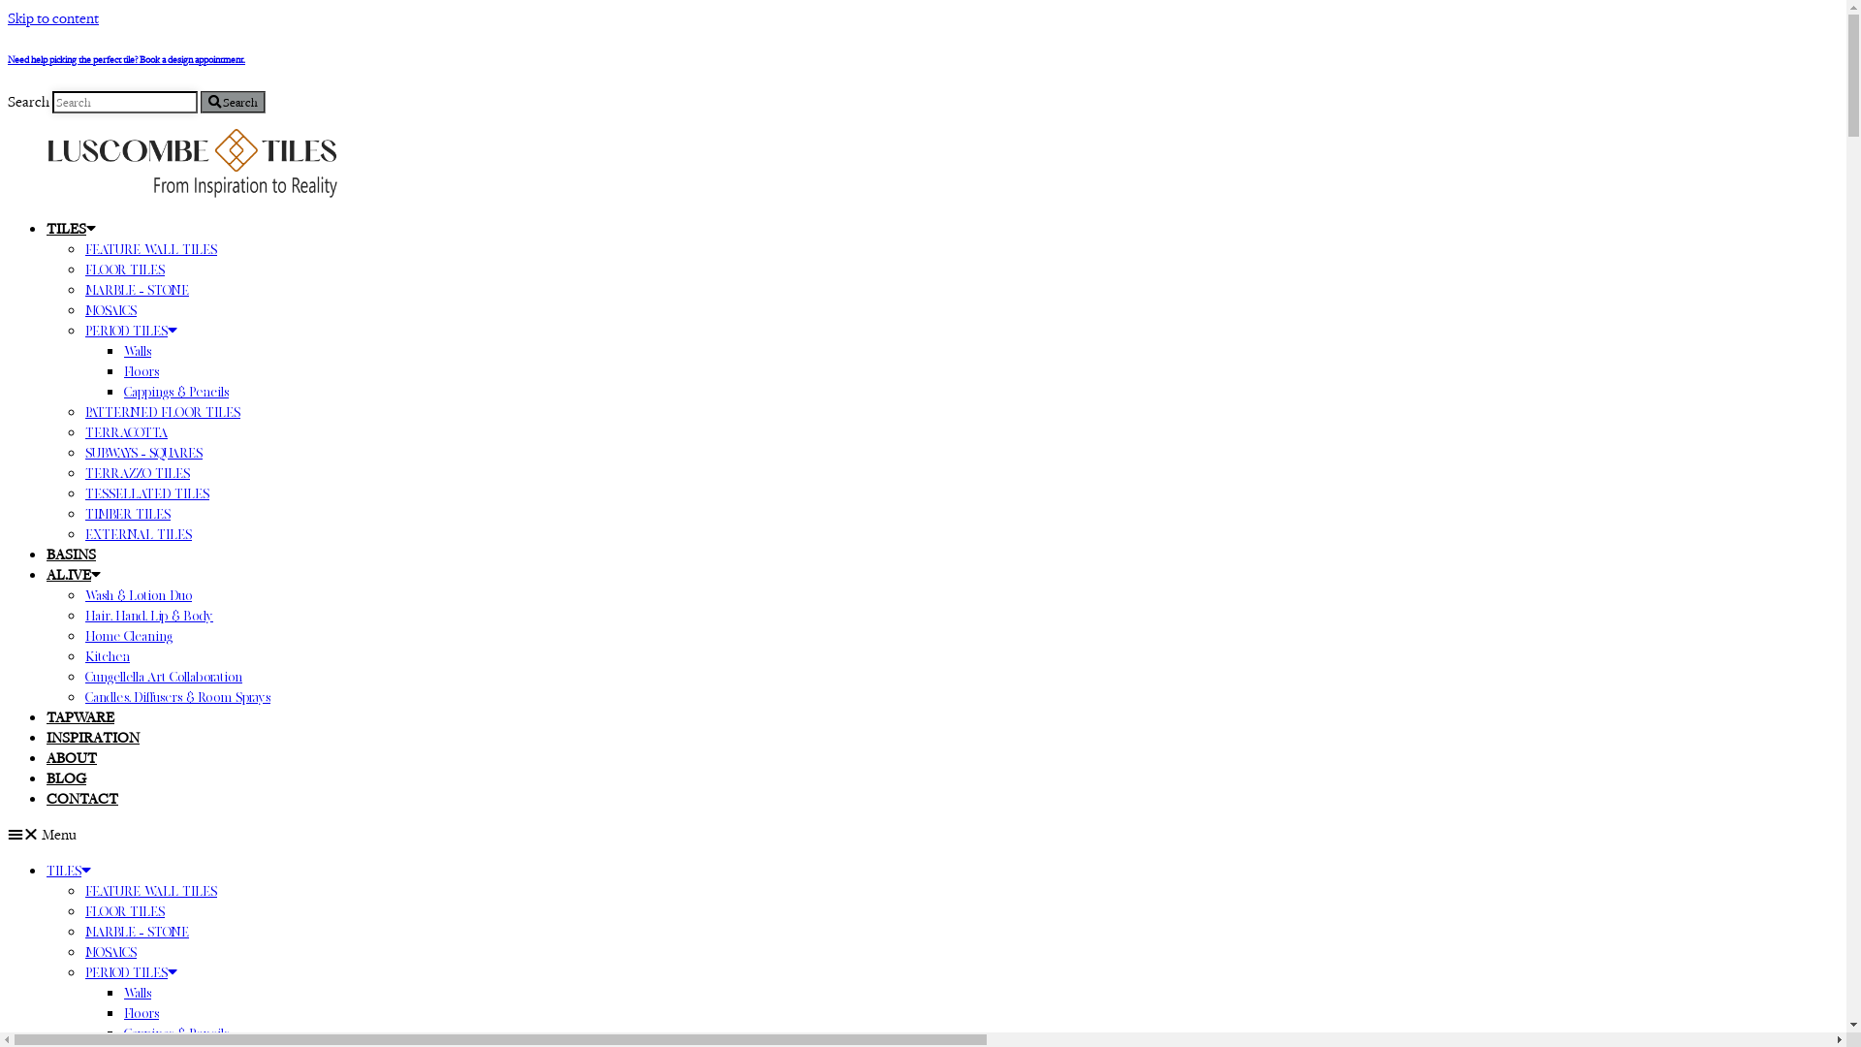 Image resolution: width=1861 pixels, height=1047 pixels. I want to click on 'AL.IVE', so click(74, 573).